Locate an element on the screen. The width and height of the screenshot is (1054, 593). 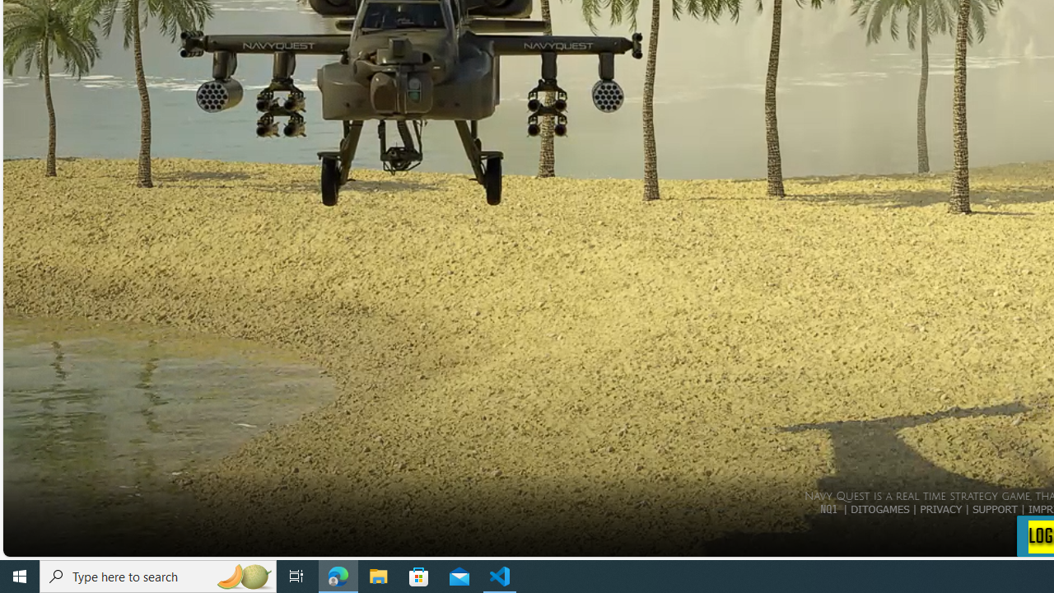
'SUPPORT' is located at coordinates (994, 507).